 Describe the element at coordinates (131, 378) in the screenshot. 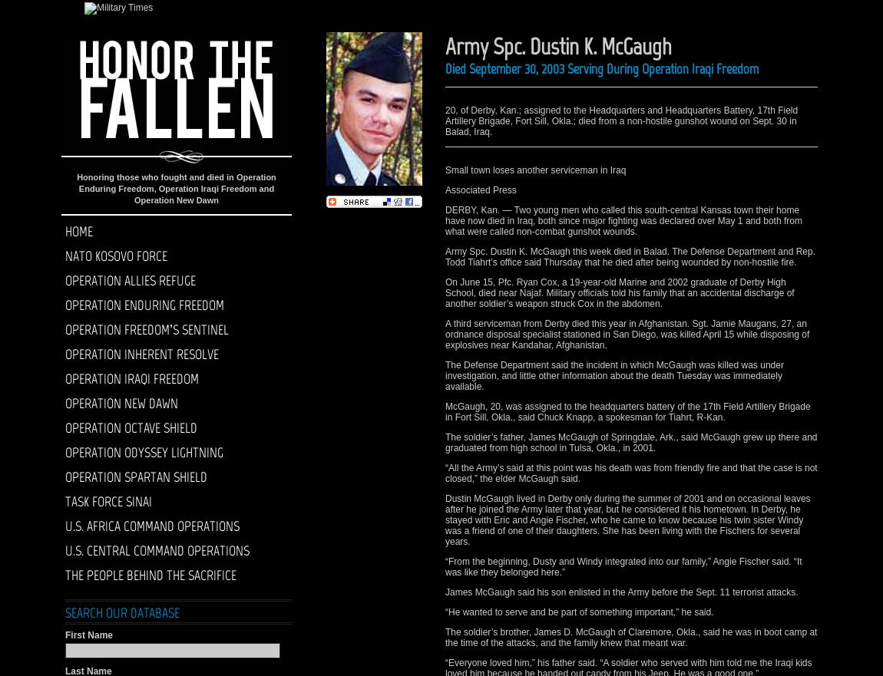

I see `'Operation Iraqi Freedom'` at that location.